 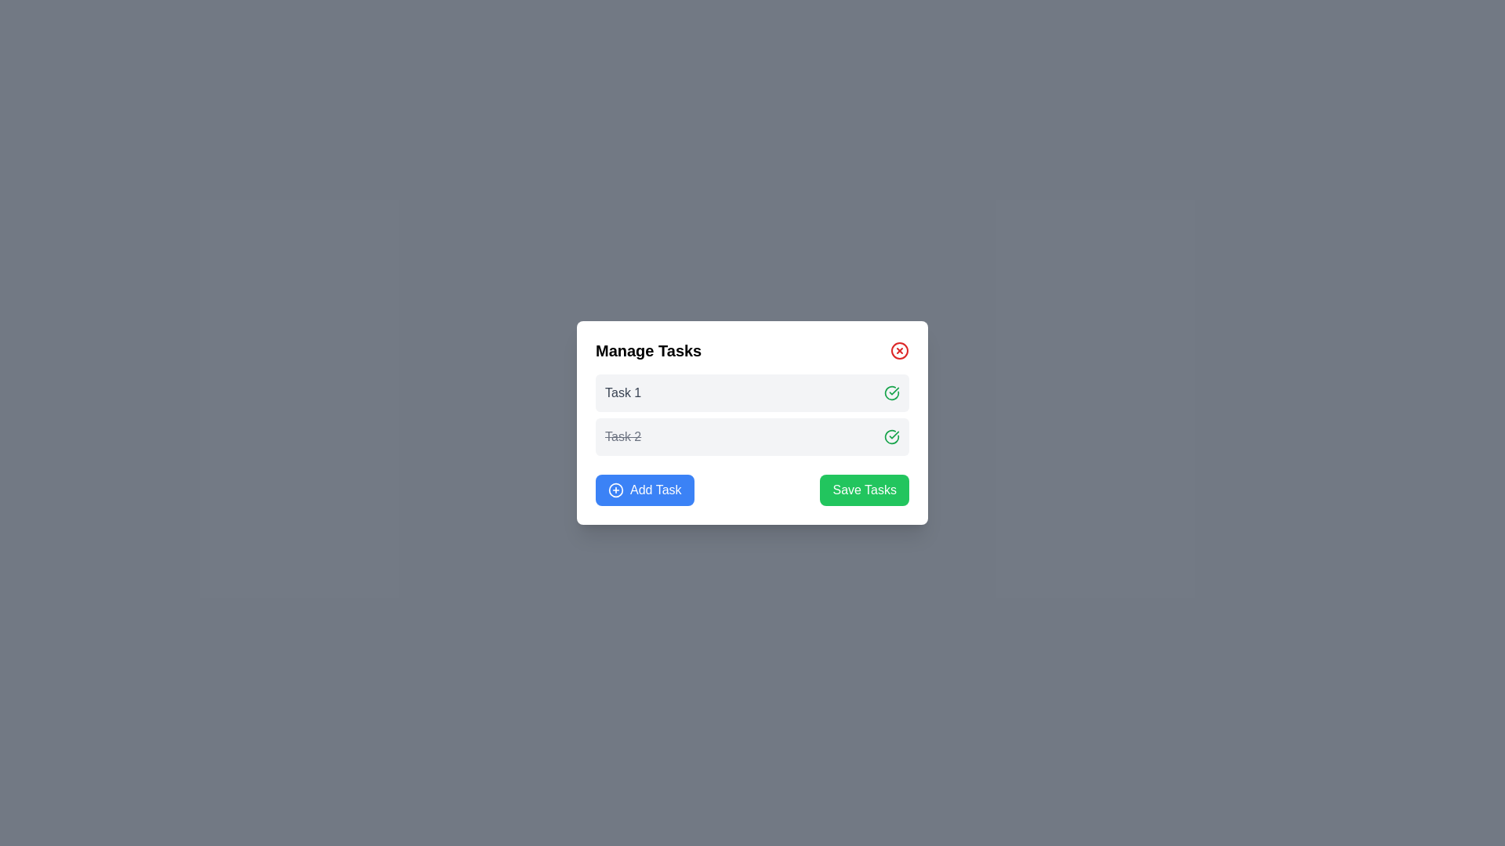 What do you see at coordinates (622, 392) in the screenshot?
I see `the text label that serves as the descriptive title for the first task in the 'Manage Tasks' modal` at bounding box center [622, 392].